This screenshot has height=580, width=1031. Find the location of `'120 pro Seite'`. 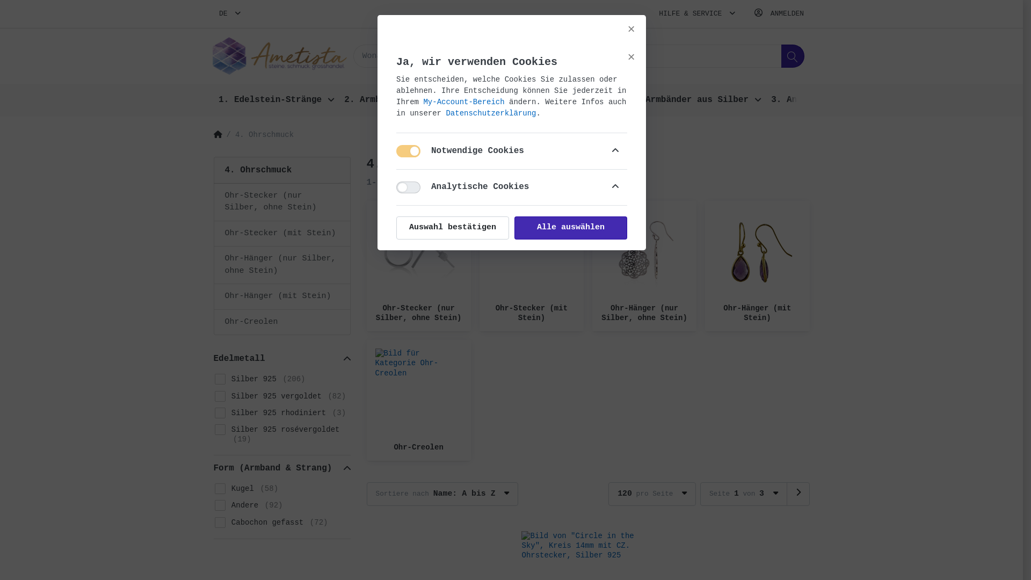

'120 pro Seite' is located at coordinates (608, 494).